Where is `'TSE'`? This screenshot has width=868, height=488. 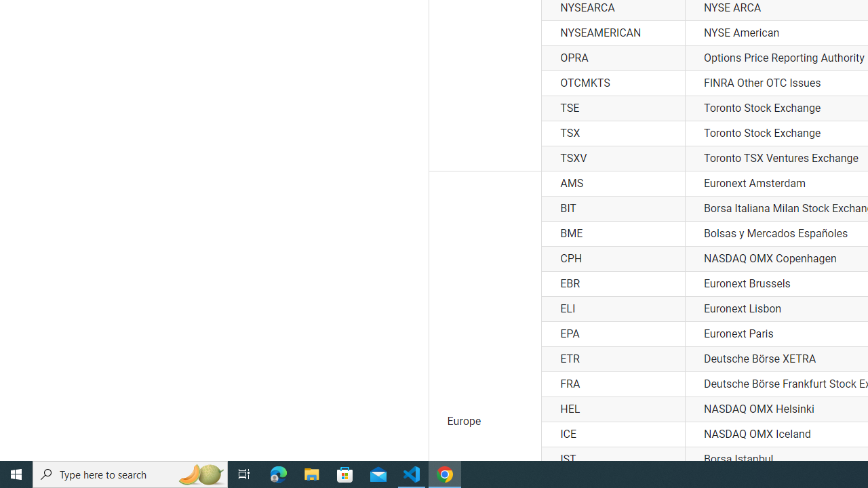
'TSE' is located at coordinates (612, 108).